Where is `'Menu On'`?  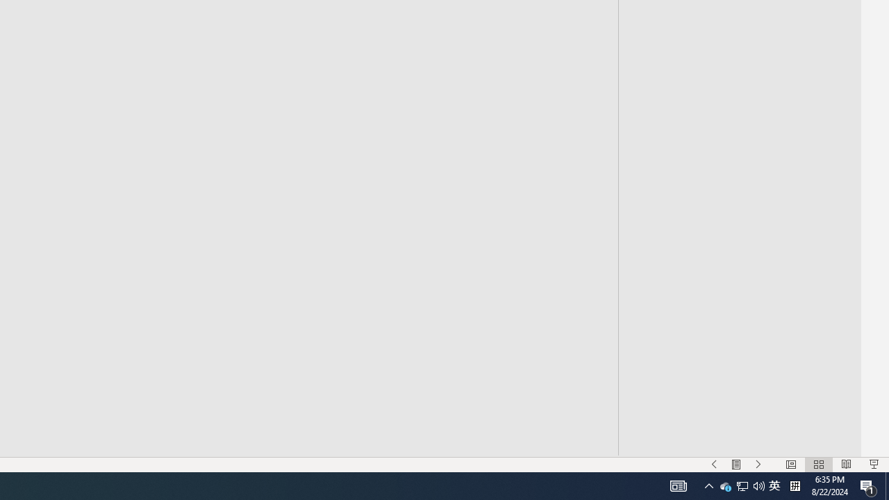
'Menu On' is located at coordinates (736, 465).